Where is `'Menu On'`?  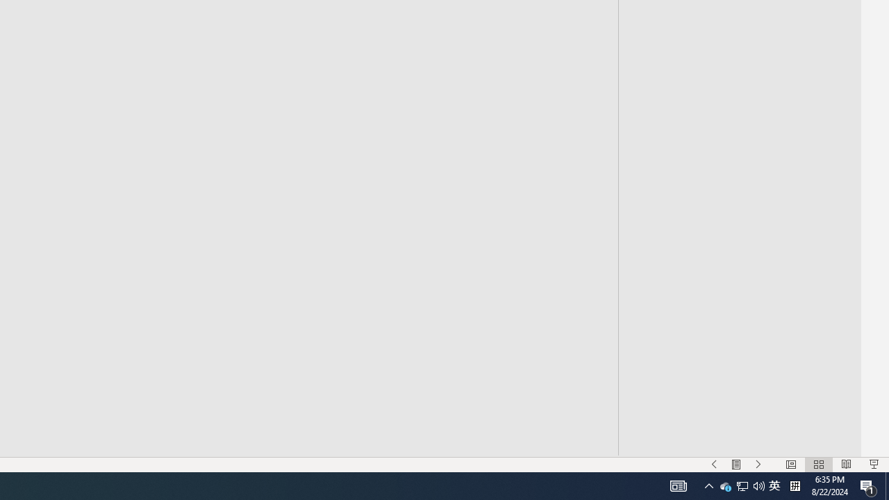
'Menu On' is located at coordinates (736, 465).